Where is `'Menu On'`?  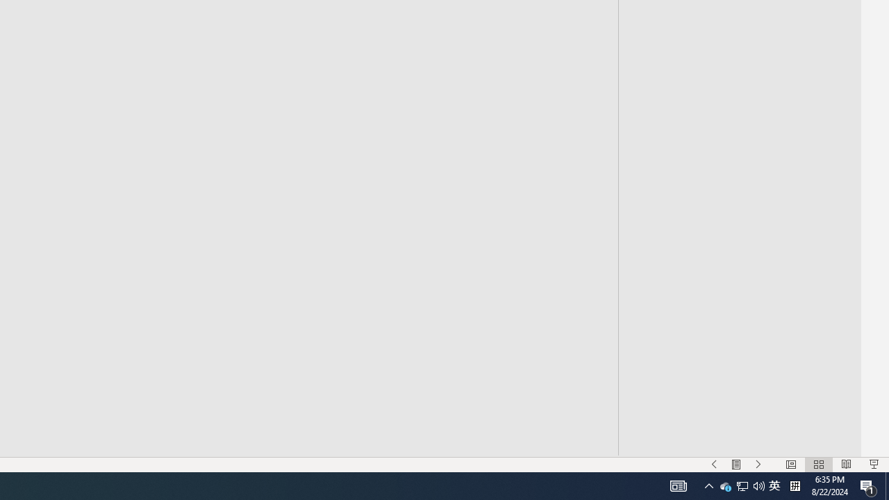
'Menu On' is located at coordinates (736, 465).